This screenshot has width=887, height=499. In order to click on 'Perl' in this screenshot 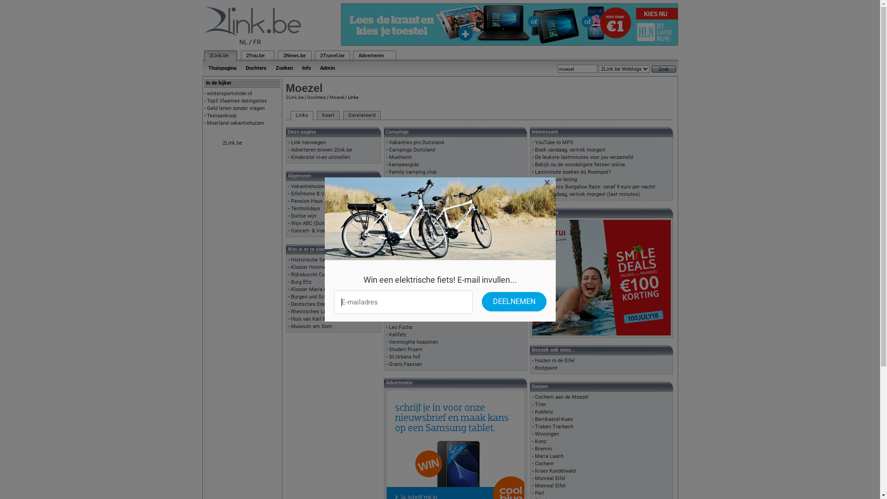, I will do `click(539, 493)`.